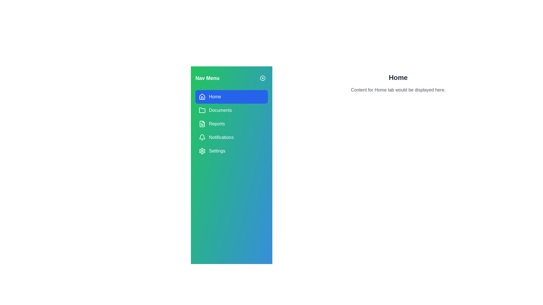  Describe the element at coordinates (232, 97) in the screenshot. I see `the tab Home in the navigation menu` at that location.